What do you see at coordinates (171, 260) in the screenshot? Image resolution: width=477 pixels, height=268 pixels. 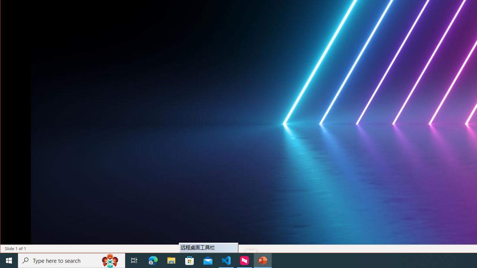 I see `'File Explorer'` at bounding box center [171, 260].